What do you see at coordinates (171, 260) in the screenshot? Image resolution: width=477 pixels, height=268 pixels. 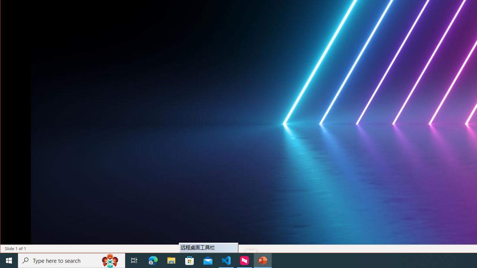 I see `'File Explorer'` at bounding box center [171, 260].